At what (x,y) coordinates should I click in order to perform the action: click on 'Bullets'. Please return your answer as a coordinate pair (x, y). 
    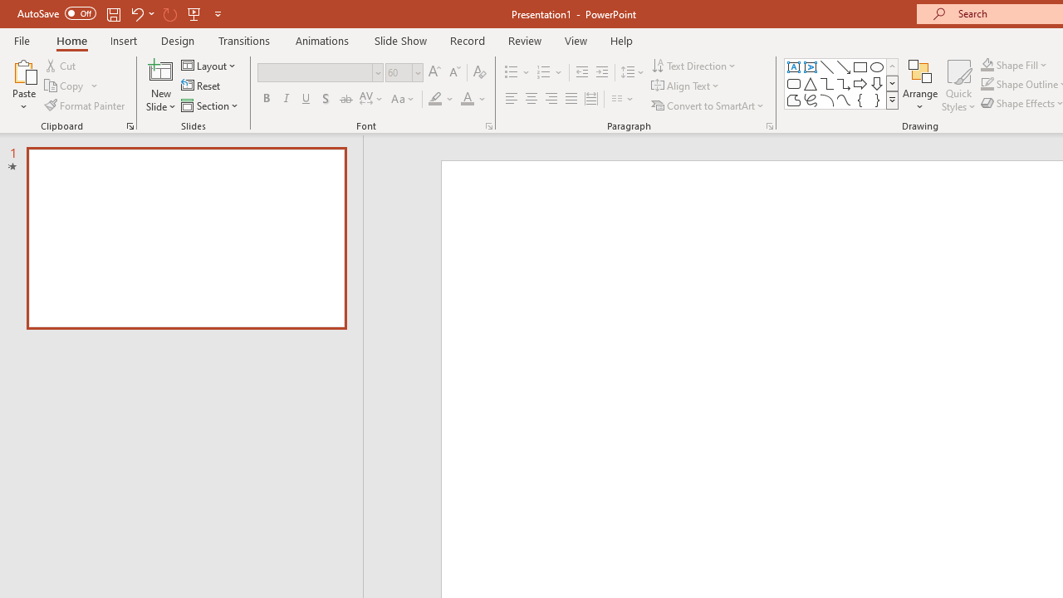
    Looking at the image, I should click on (517, 71).